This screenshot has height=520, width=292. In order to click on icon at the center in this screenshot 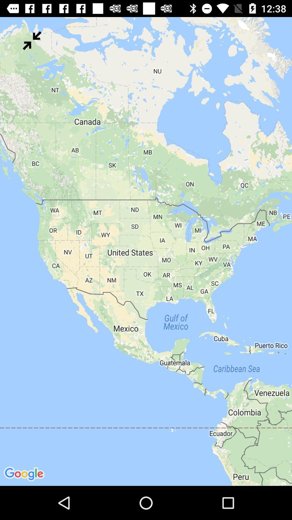, I will do `click(146, 251)`.